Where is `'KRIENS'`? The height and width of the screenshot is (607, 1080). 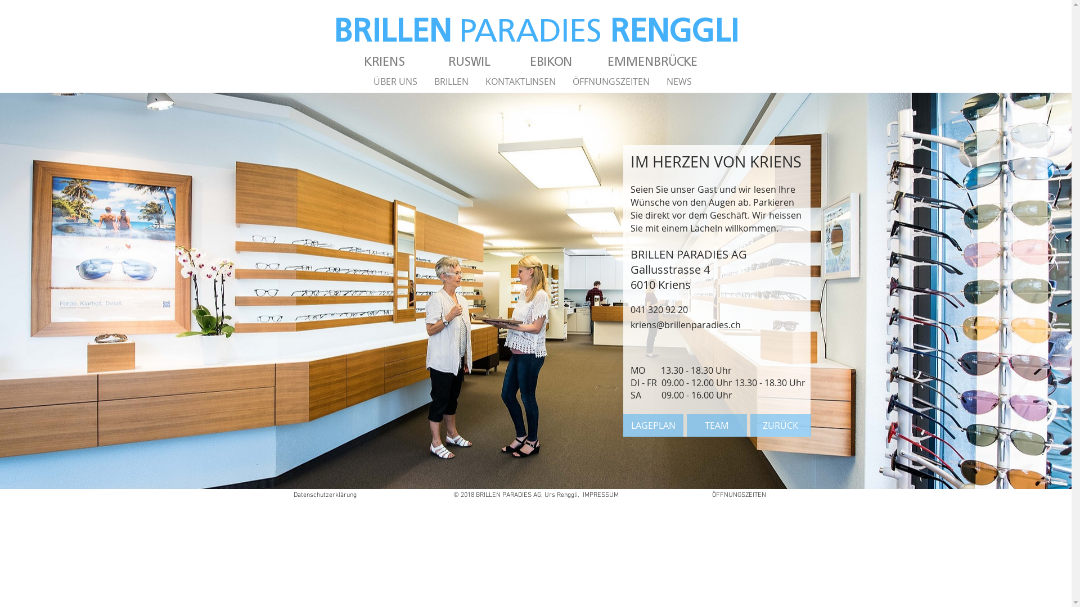 'KRIENS' is located at coordinates (385, 61).